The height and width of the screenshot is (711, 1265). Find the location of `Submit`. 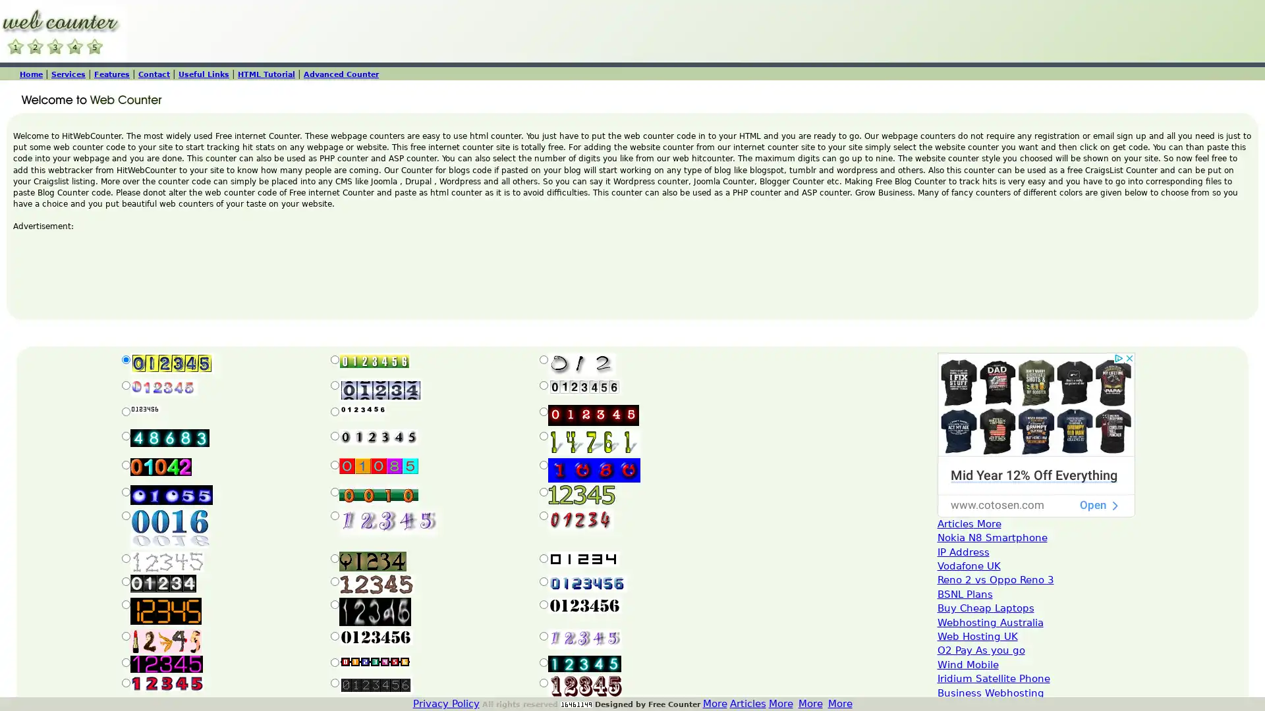

Submit is located at coordinates (378, 495).